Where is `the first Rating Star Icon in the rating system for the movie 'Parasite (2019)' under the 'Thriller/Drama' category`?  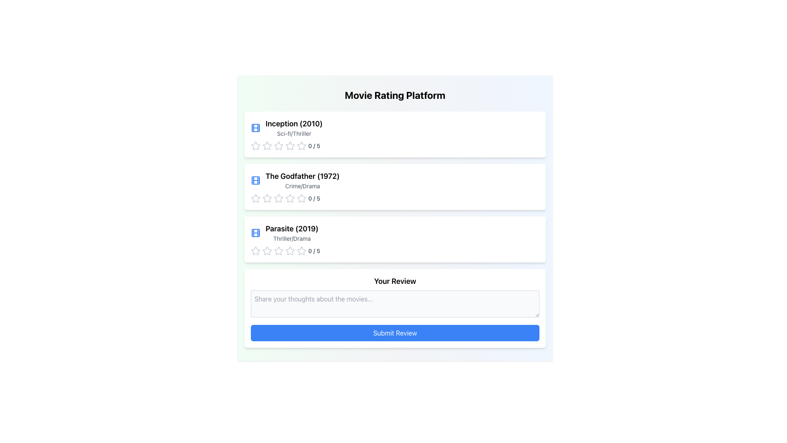 the first Rating Star Icon in the rating system for the movie 'Parasite (2019)' under the 'Thriller/Drama' category is located at coordinates (267, 250).